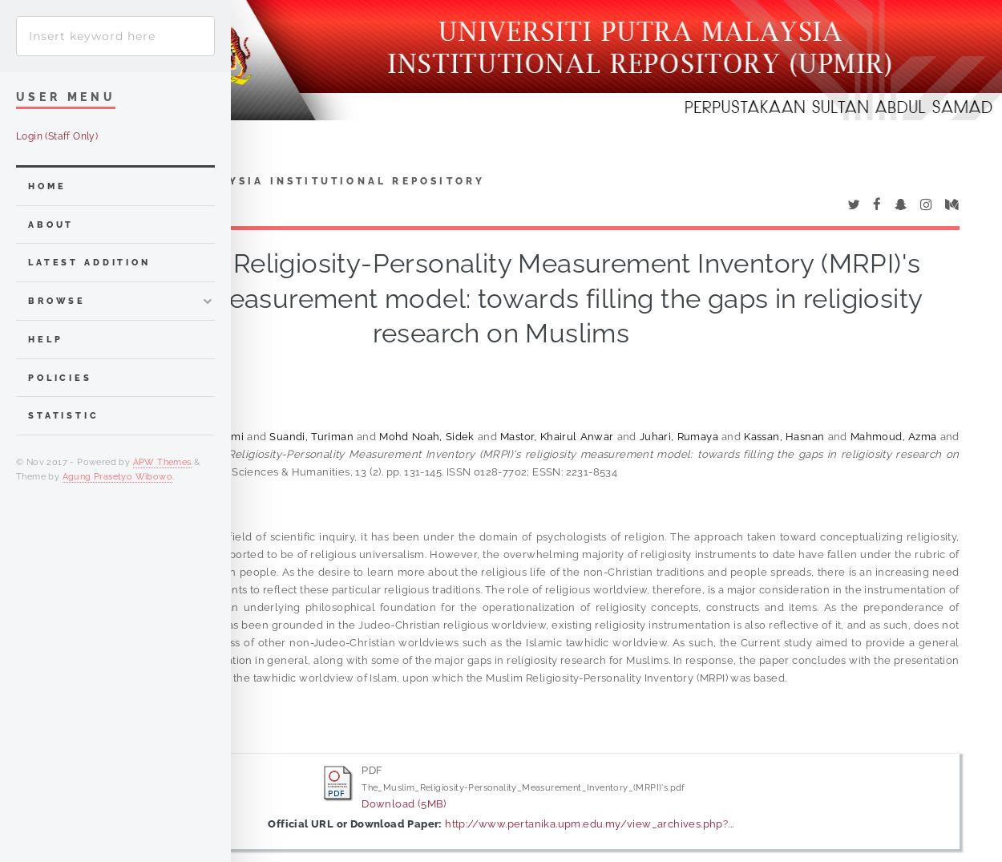 The height and width of the screenshot is (862, 1002). I want to click on 'PDF', so click(361, 769).